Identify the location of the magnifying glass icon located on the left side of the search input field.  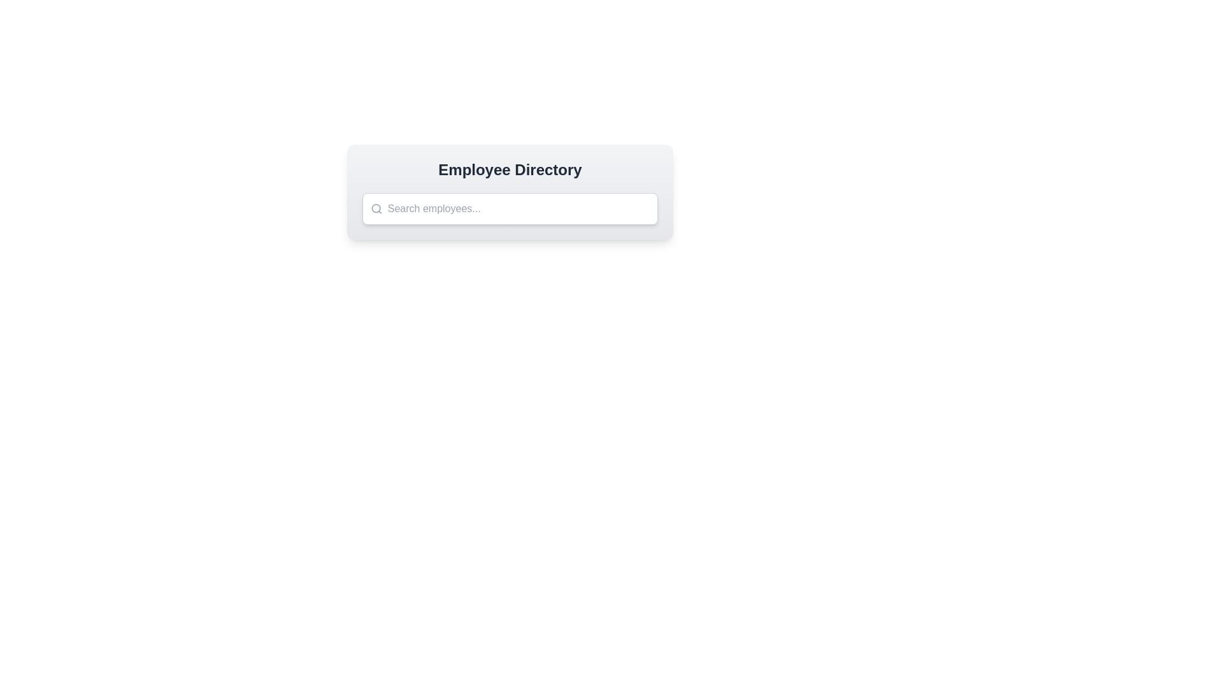
(376, 208).